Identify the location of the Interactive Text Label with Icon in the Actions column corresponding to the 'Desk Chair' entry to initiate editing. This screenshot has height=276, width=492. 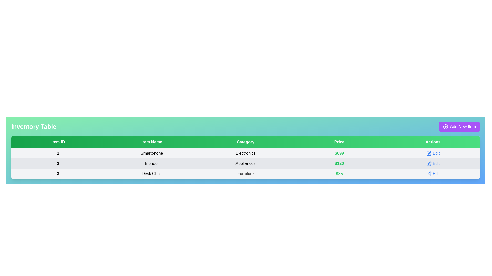
(433, 173).